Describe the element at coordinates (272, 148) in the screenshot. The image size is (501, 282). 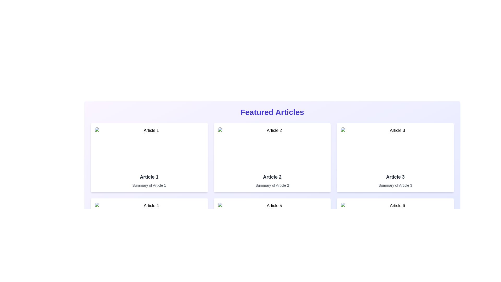
I see `the image component with rounded rectangular shape labeled 'Image 2' located in the top section of the card labeled 'Article 2'` at that location.